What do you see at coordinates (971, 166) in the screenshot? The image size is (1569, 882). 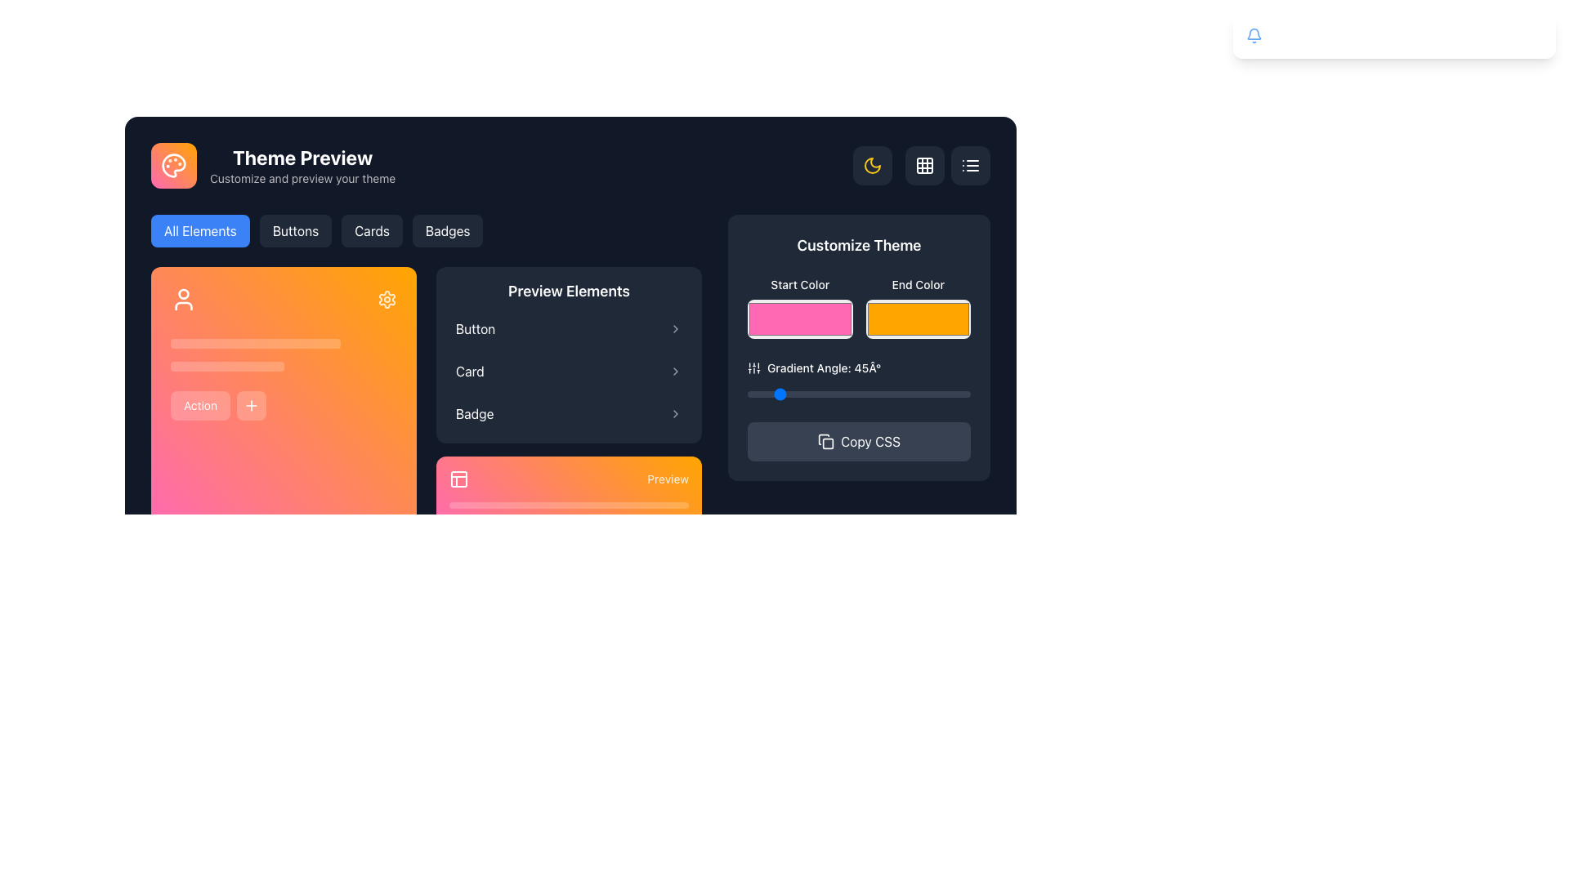 I see `the second button in the top-right corner of the interface` at bounding box center [971, 166].